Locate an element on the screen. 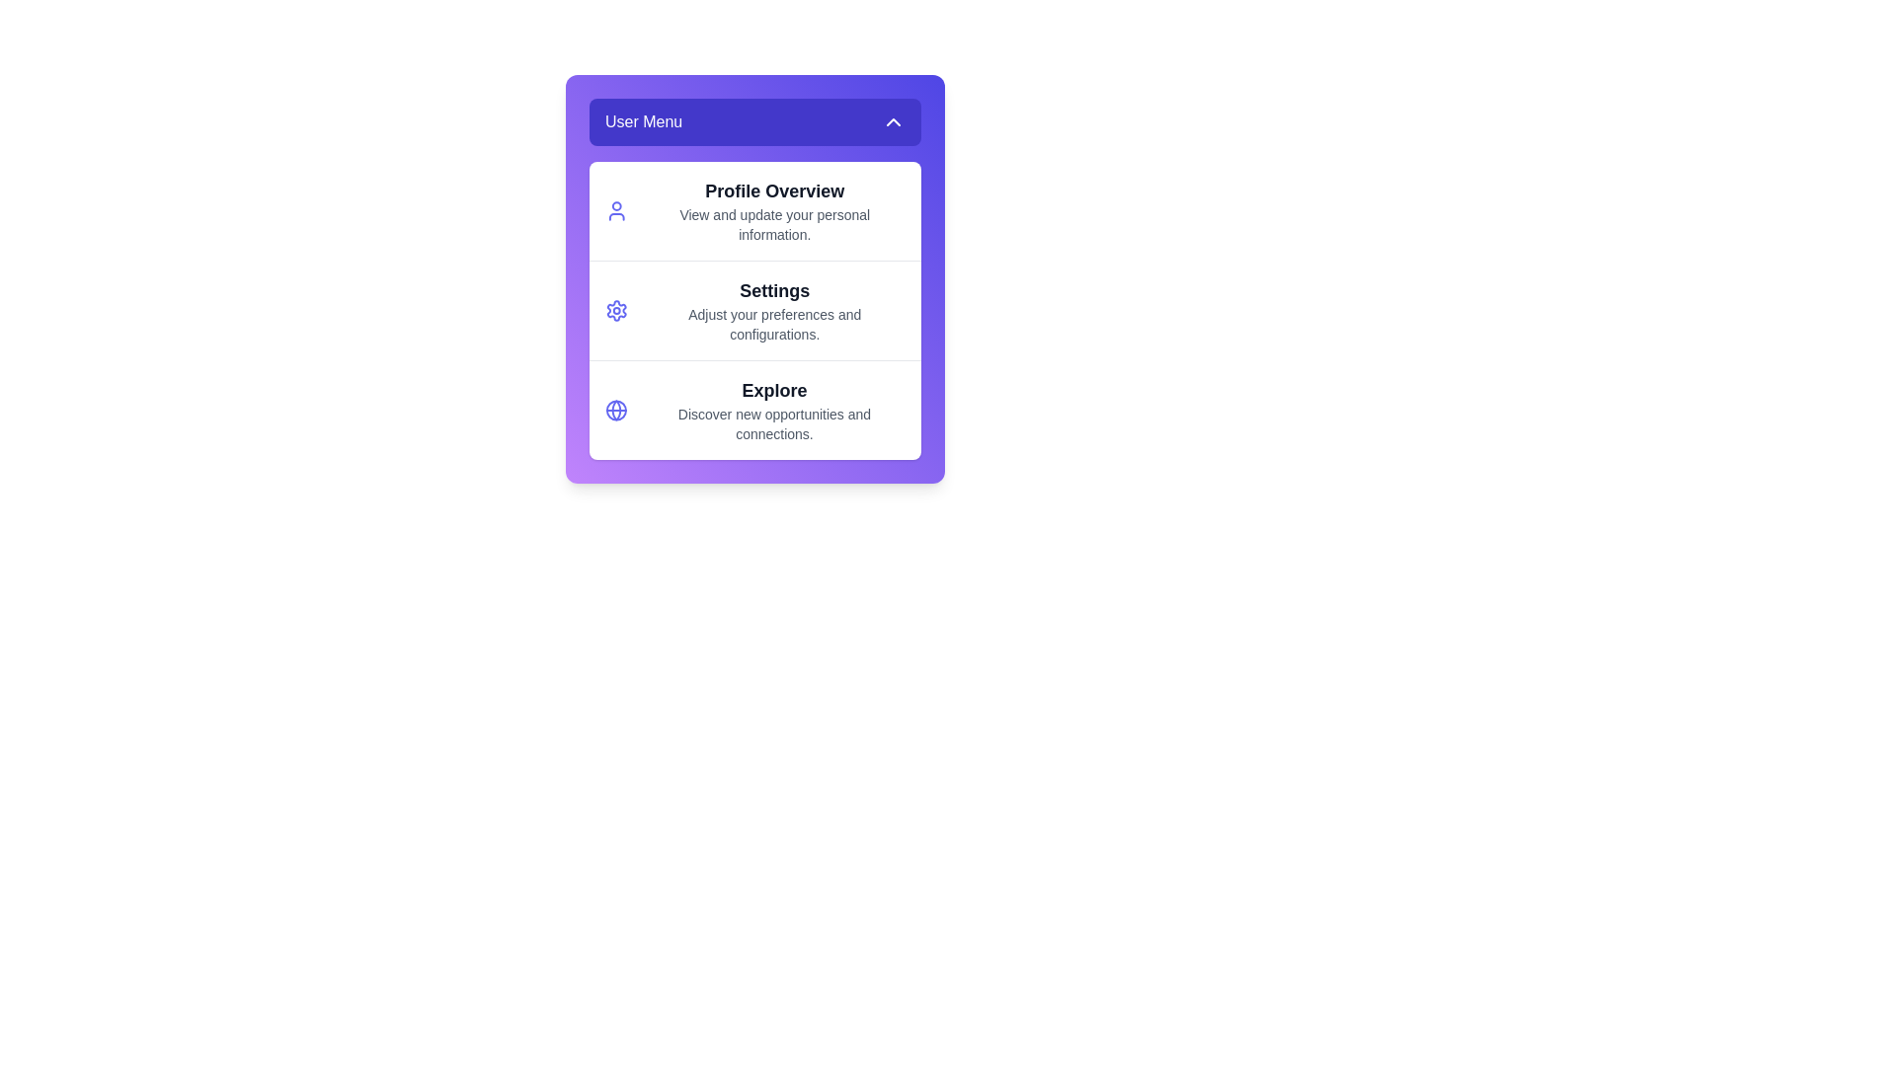 The height and width of the screenshot is (1066, 1896). the descriptive text element located below the 'Explore' section in the 'User Menu' interface to provide additional context about its purpose is located at coordinates (773, 422).